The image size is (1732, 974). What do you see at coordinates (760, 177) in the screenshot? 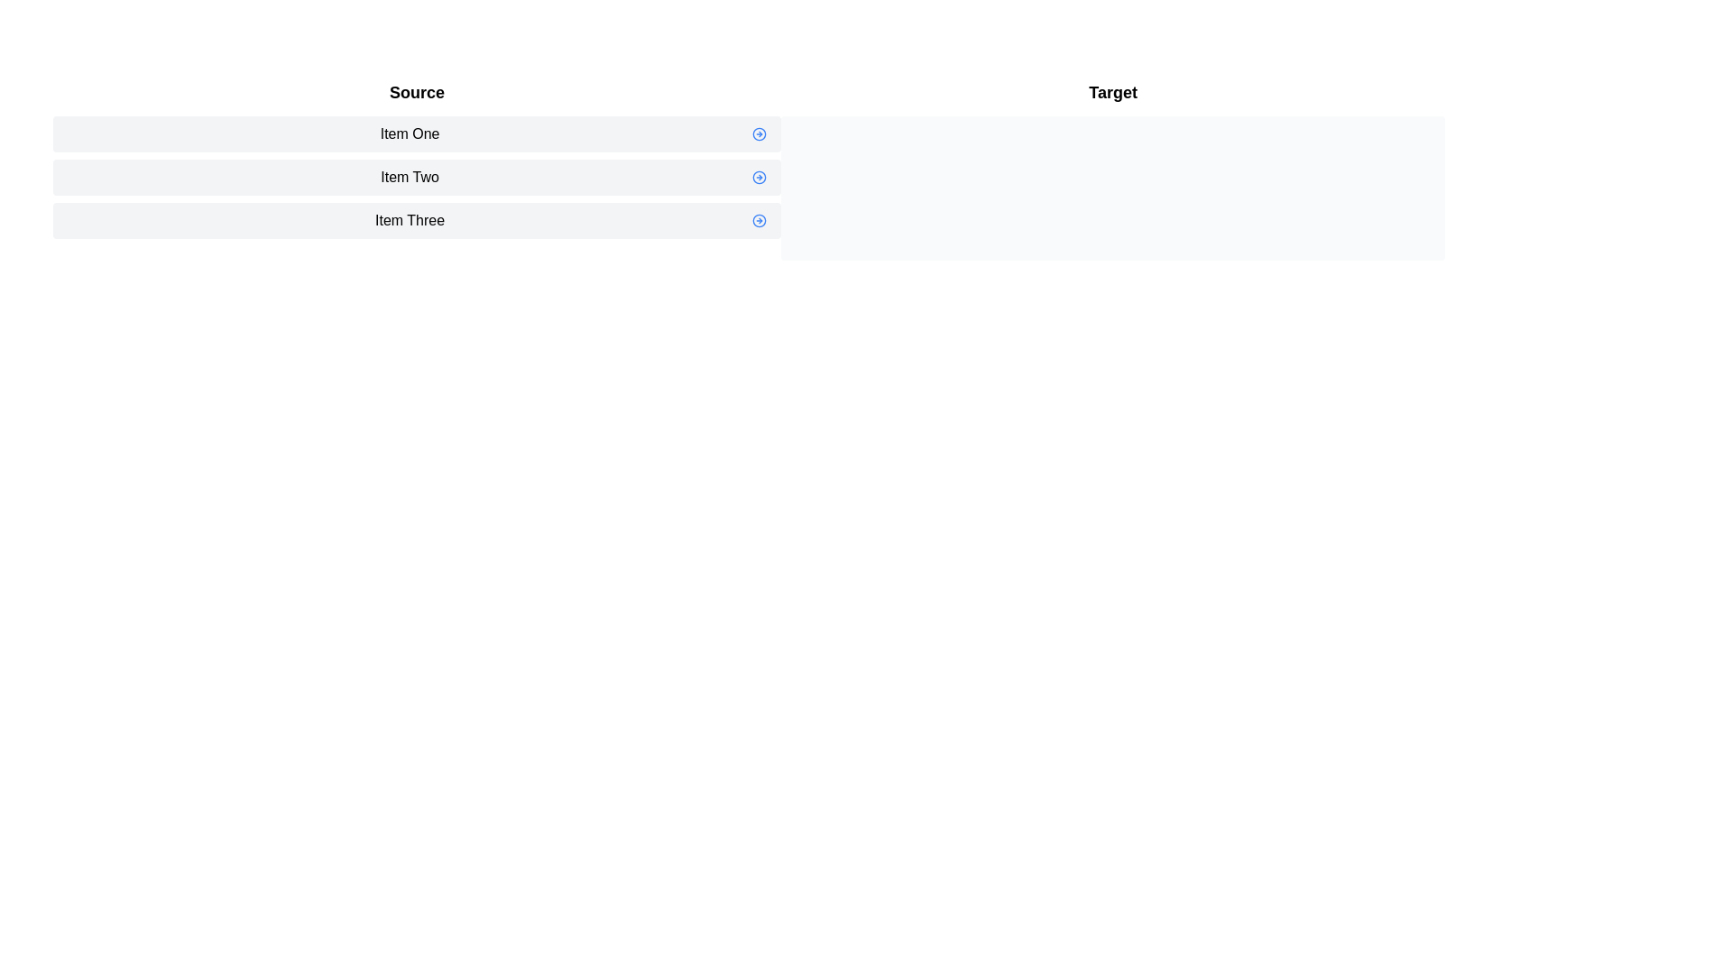
I see `the interactive icon located to the far right of the 'Item Two' row` at bounding box center [760, 177].